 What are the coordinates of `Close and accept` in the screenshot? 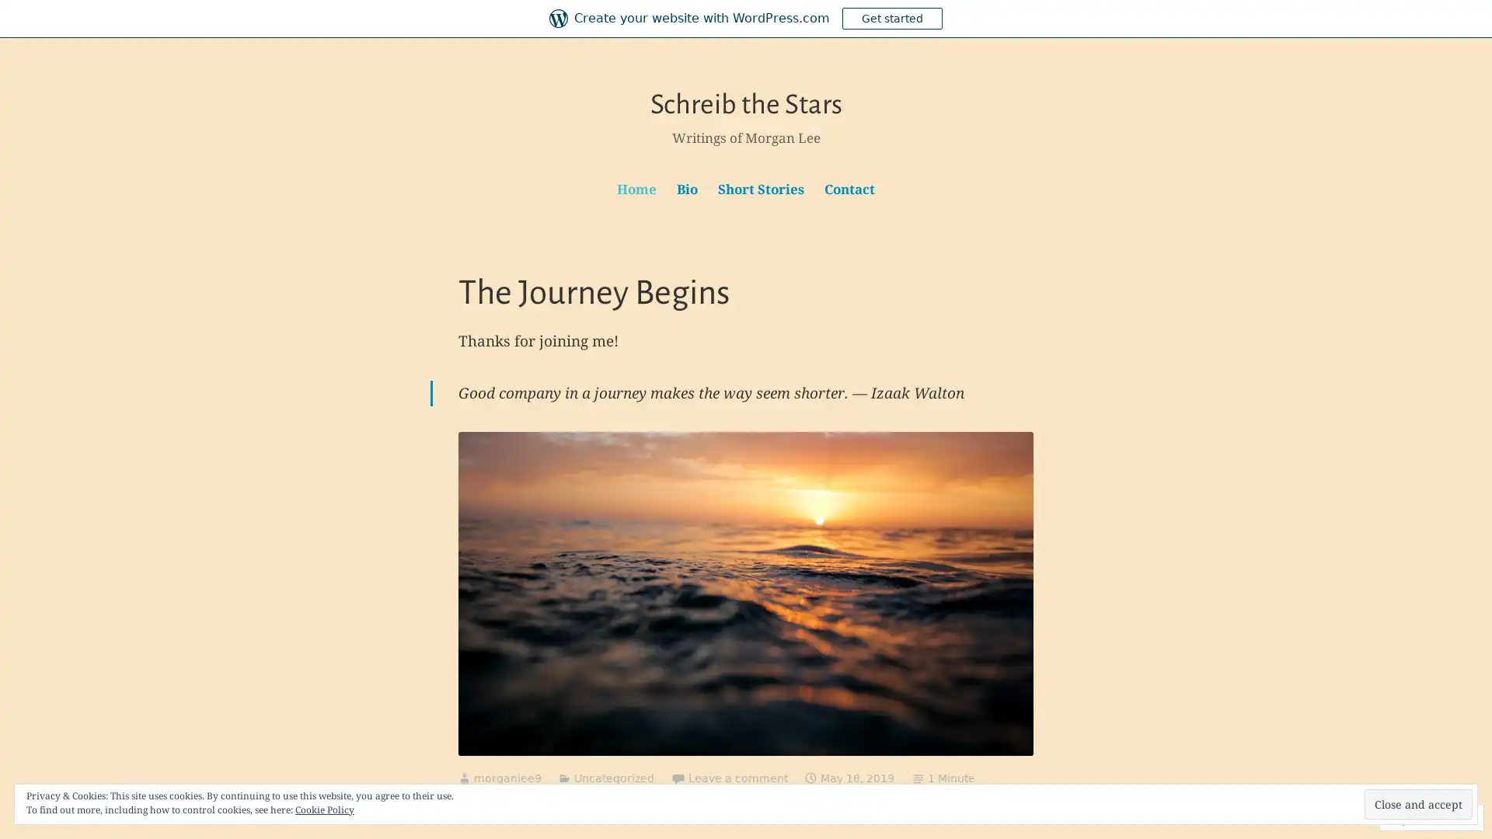 It's located at (1418, 804).